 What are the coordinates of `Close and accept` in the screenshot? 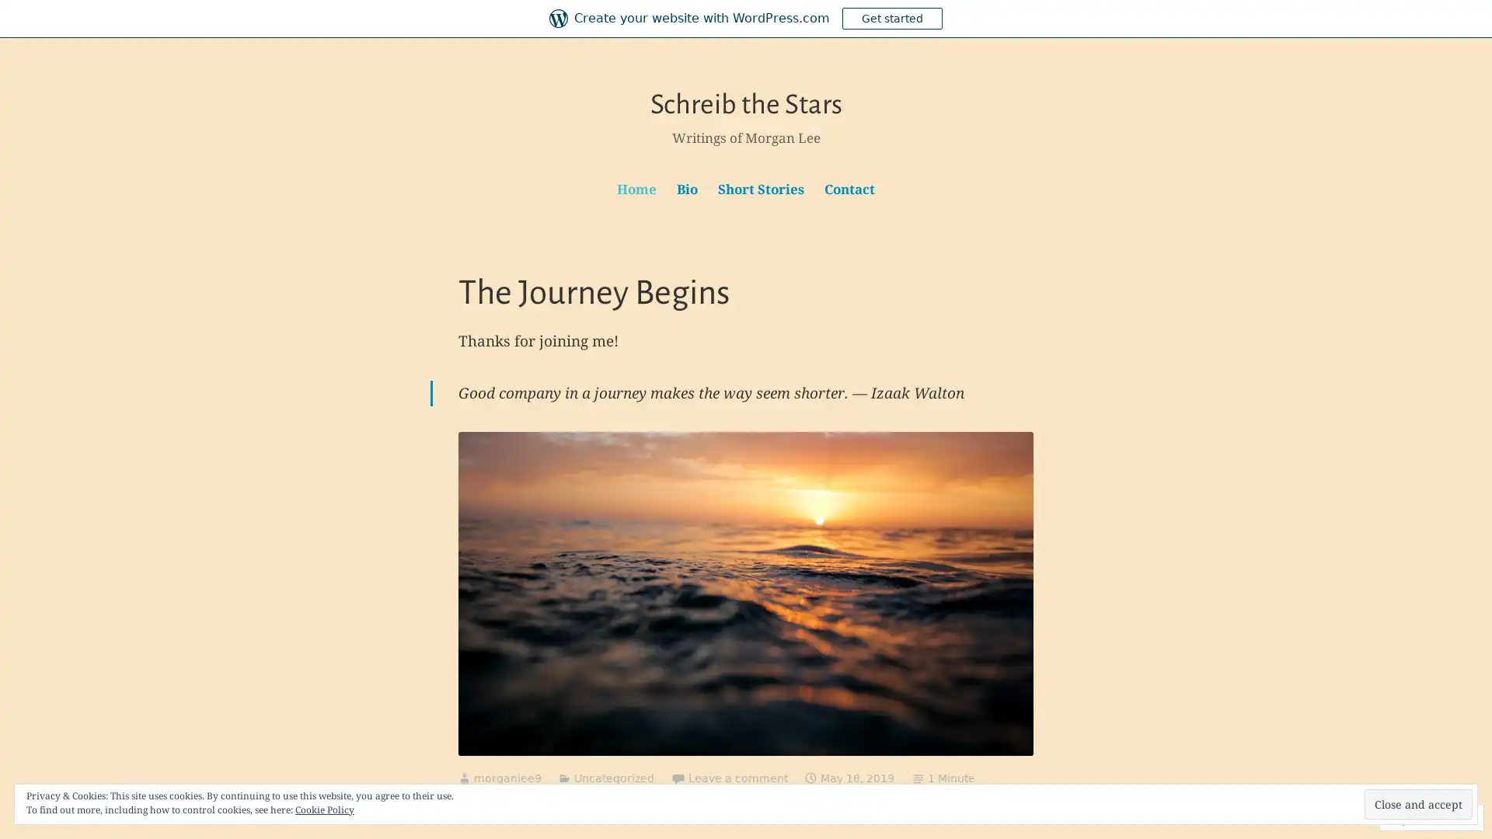 It's located at (1418, 804).